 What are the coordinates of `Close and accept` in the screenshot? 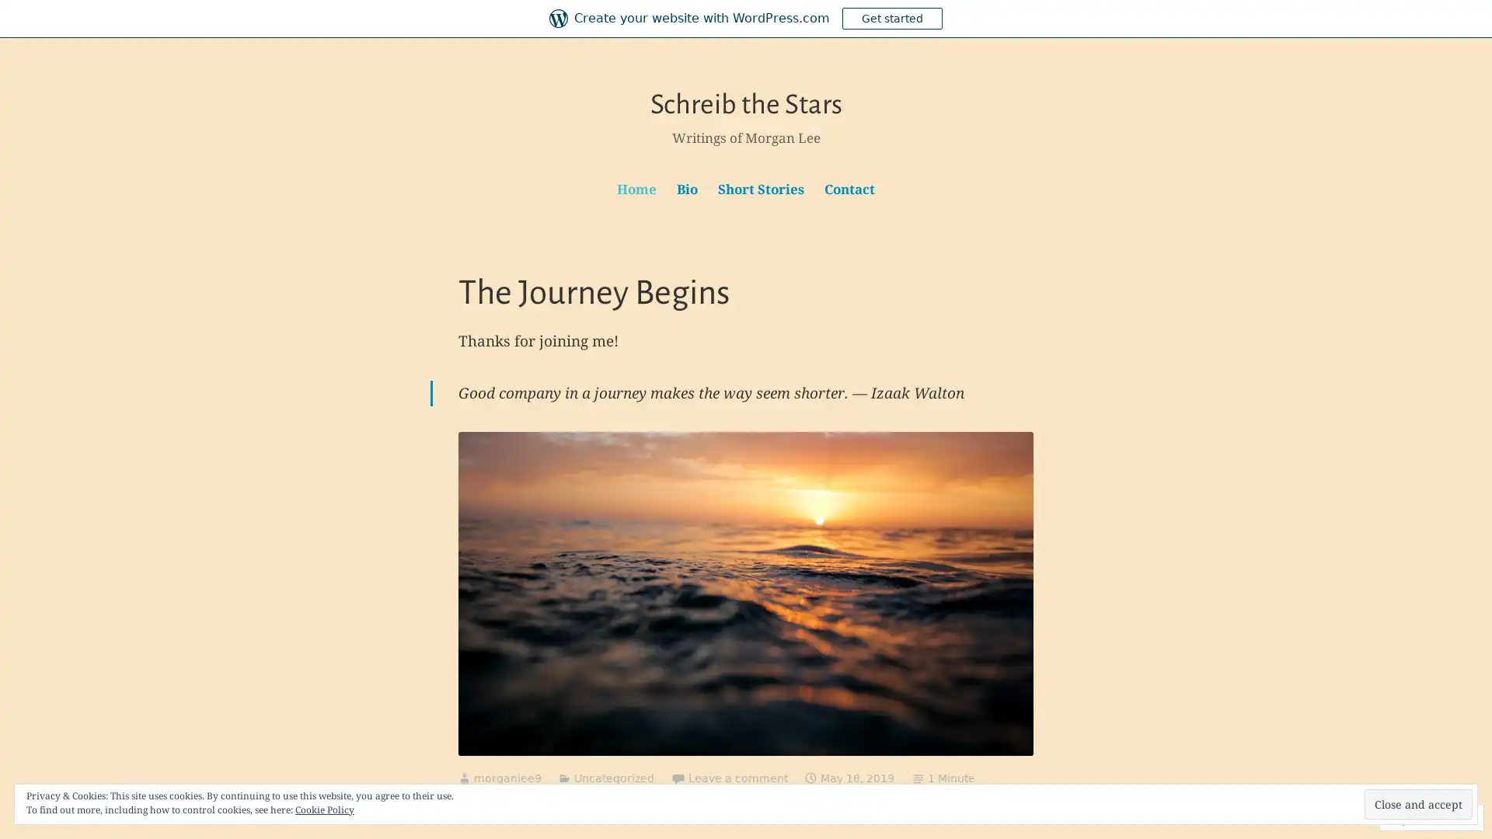 It's located at (1418, 804).